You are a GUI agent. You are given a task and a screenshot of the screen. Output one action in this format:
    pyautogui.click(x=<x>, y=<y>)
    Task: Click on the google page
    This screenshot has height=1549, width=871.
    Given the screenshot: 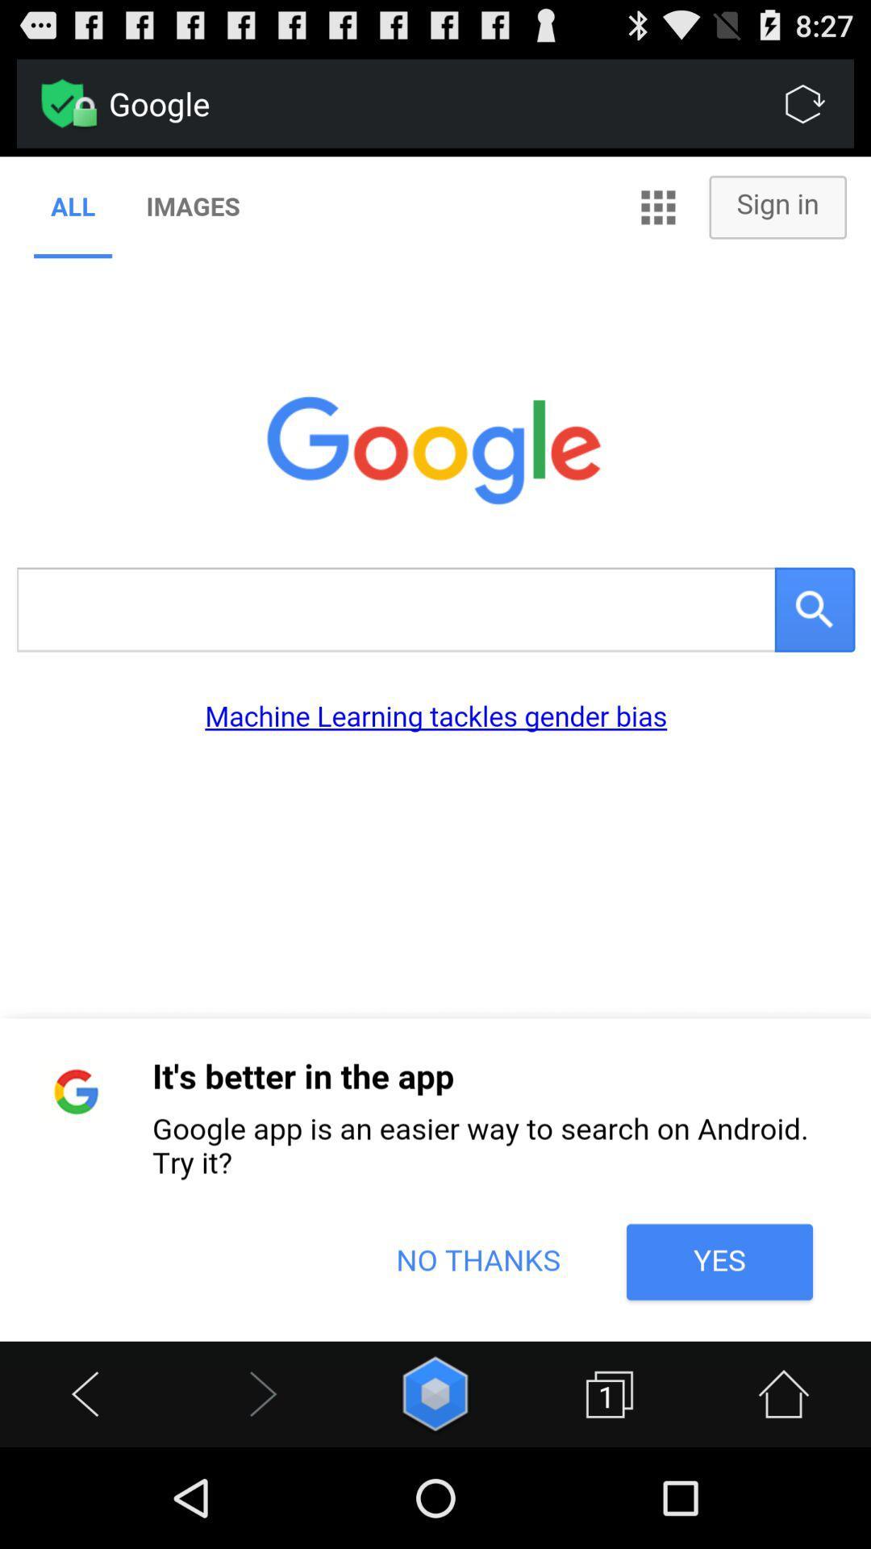 What is the action you would take?
    pyautogui.click(x=435, y=748)
    